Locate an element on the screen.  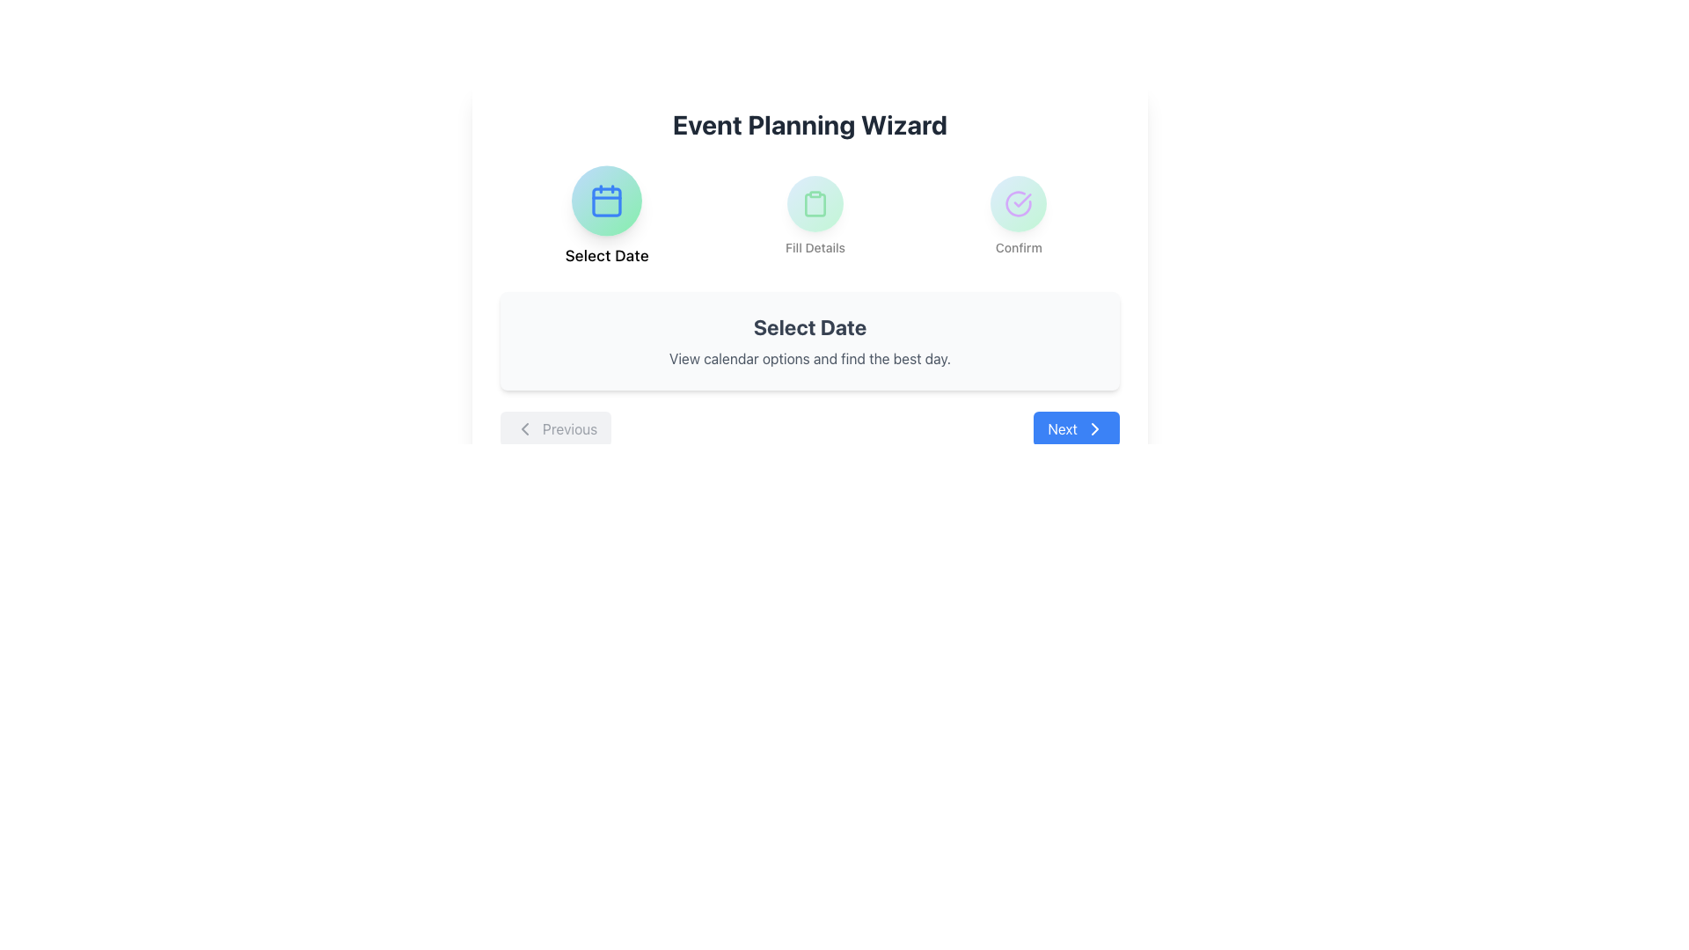
the navigation button located at the bottom-left of the interface, which allows users to move to the previous step in a multi-step process is located at coordinates (555, 429).